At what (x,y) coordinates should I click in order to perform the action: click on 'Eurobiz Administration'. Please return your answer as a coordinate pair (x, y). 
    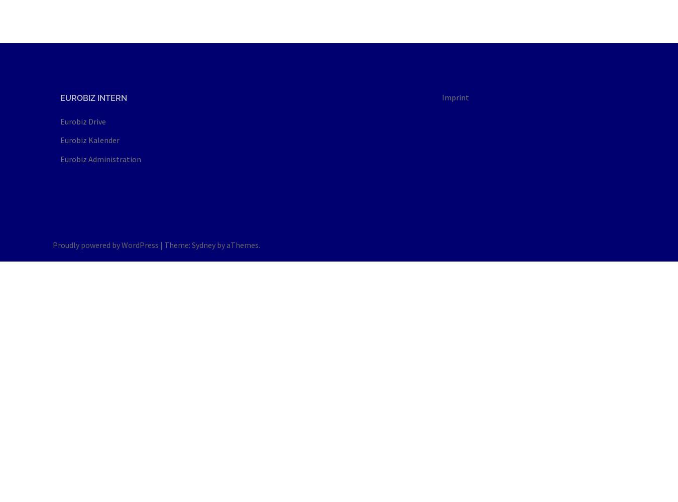
    Looking at the image, I should click on (100, 158).